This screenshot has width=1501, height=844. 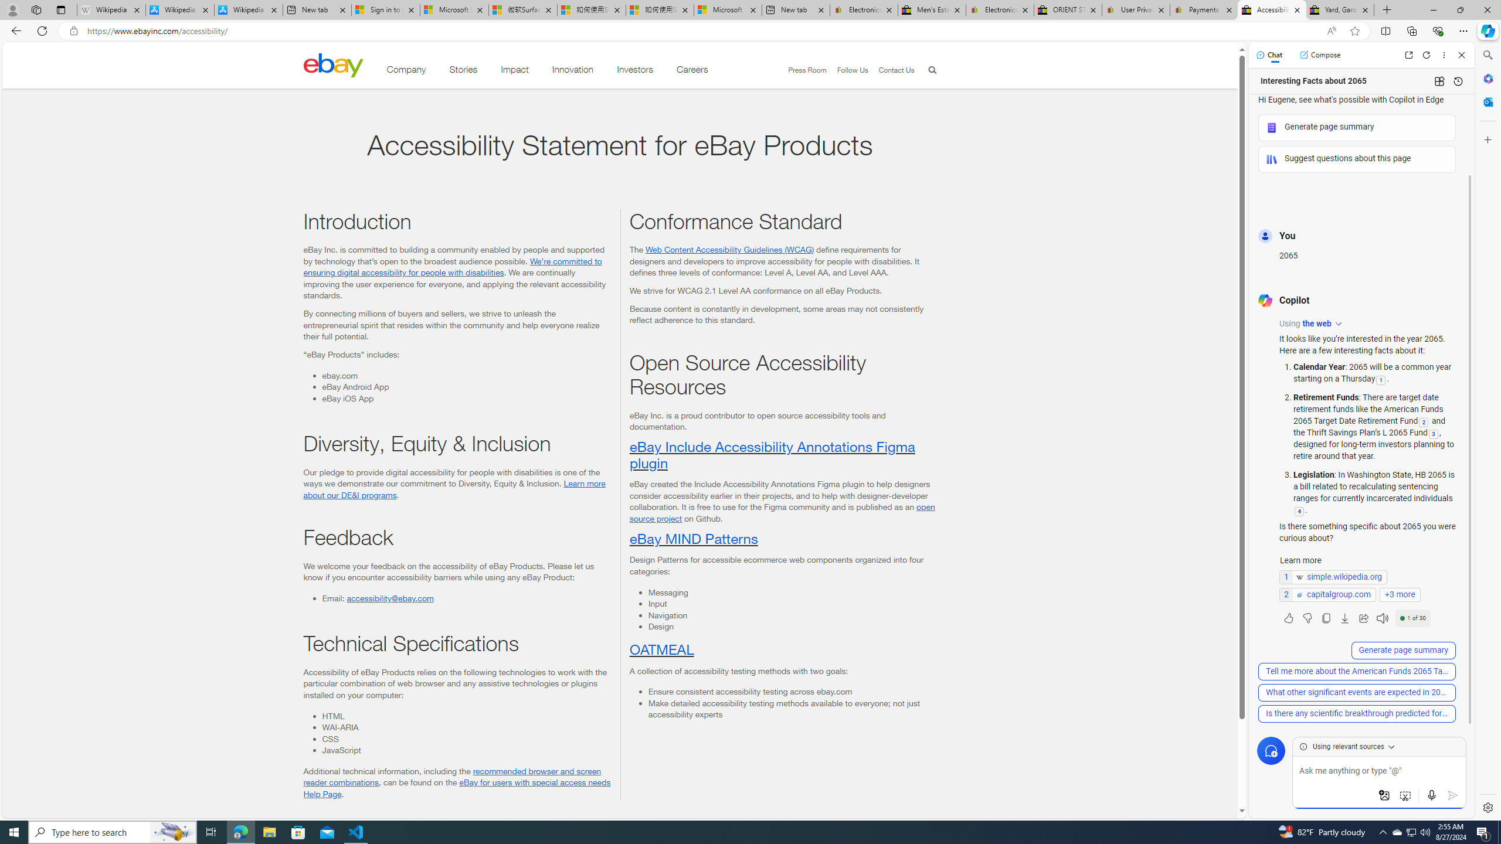 What do you see at coordinates (462, 72) in the screenshot?
I see `'Stories'` at bounding box center [462, 72].